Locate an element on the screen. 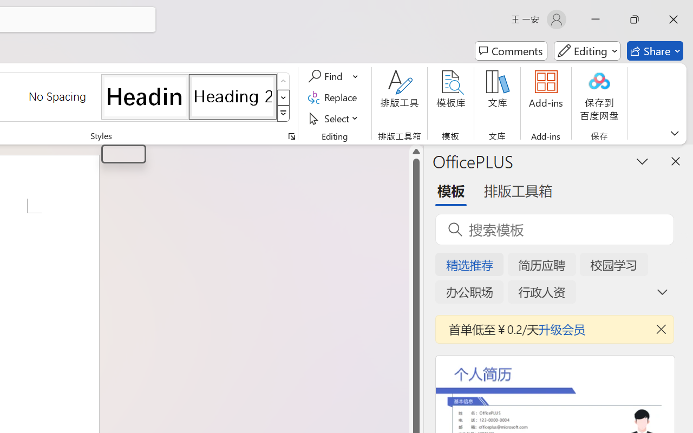 The image size is (693, 433). 'Row Down' is located at coordinates (283, 97).